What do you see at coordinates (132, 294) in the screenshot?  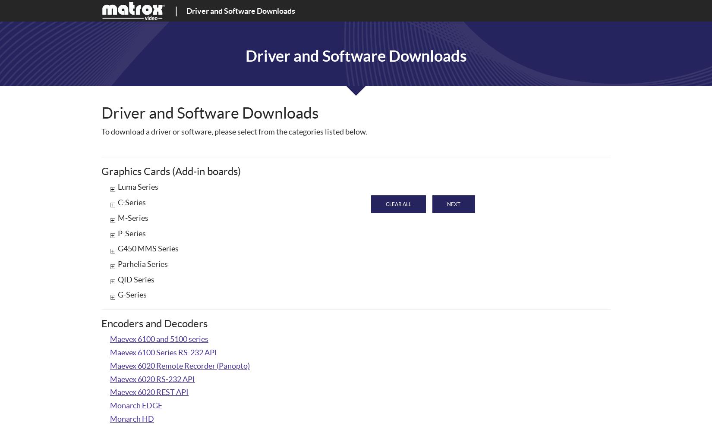 I see `'G-Series'` at bounding box center [132, 294].